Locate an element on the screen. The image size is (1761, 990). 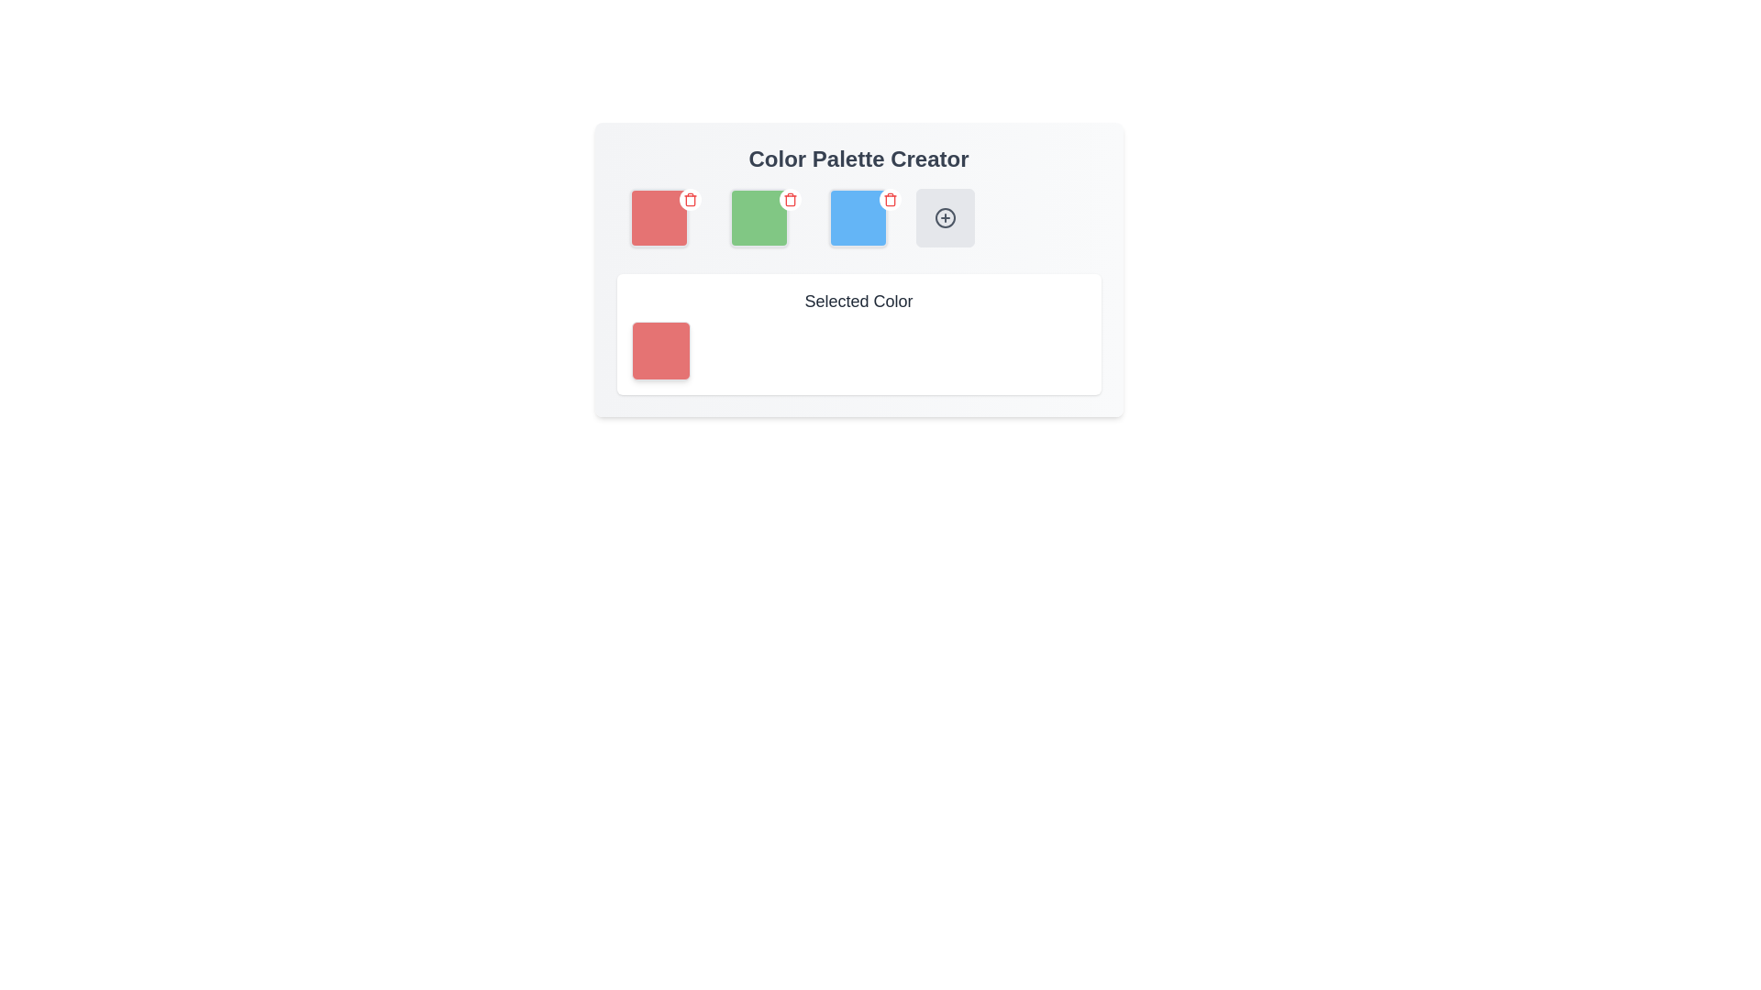
the small, red-colored trash can icon located at the top-right corner of the blue square in the color palette section is located at coordinates (890, 200).